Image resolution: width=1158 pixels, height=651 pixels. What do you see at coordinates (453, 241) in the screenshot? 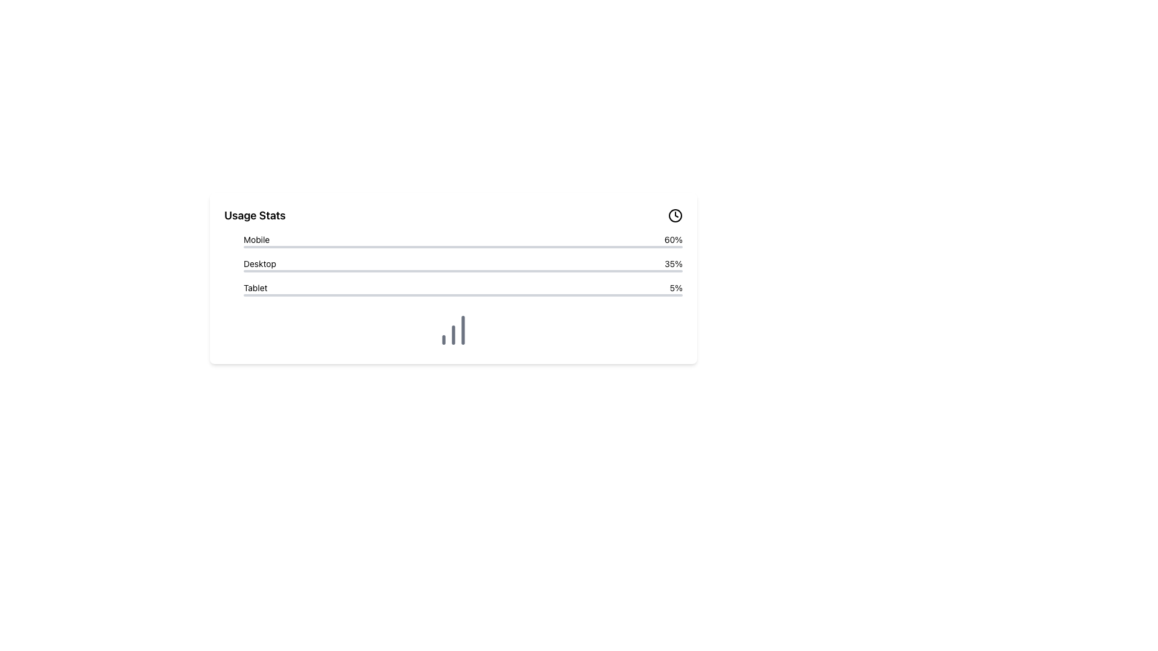
I see `the red progress bar labeled 'Mobile', which is filled up to 60% of its width, located at the top of the list under 'Usage Stats'` at bounding box center [453, 241].